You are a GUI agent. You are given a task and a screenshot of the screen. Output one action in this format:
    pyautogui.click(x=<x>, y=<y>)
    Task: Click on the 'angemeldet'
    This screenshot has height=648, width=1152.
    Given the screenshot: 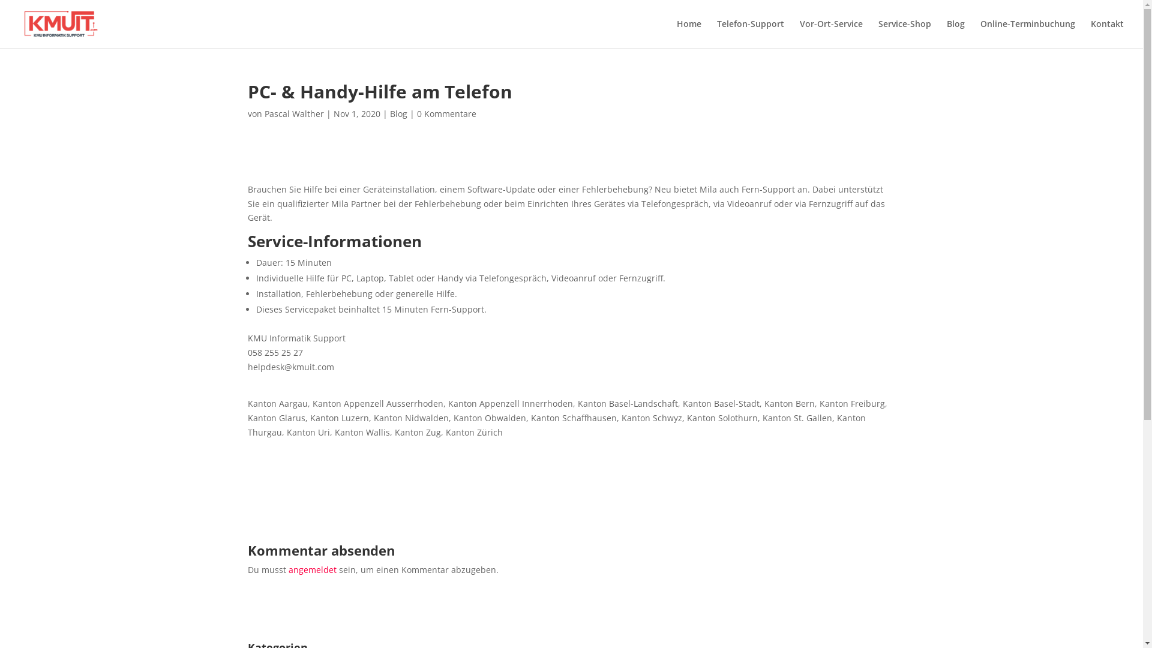 What is the action you would take?
    pyautogui.click(x=311, y=569)
    